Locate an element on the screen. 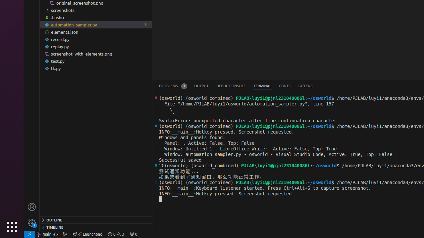 The image size is (424, 238). 'No Ports Forwarded' is located at coordinates (133, 234).